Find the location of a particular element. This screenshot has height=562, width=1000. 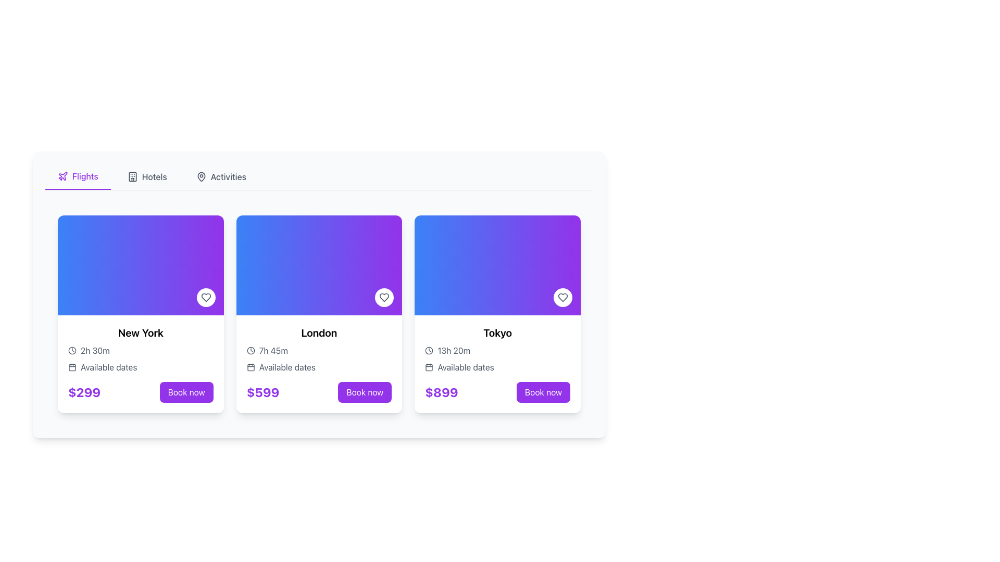

the SVG circle element that is part of the clock icon located in the center of the London card, adjacent to the time duration text is located at coordinates (251, 351).